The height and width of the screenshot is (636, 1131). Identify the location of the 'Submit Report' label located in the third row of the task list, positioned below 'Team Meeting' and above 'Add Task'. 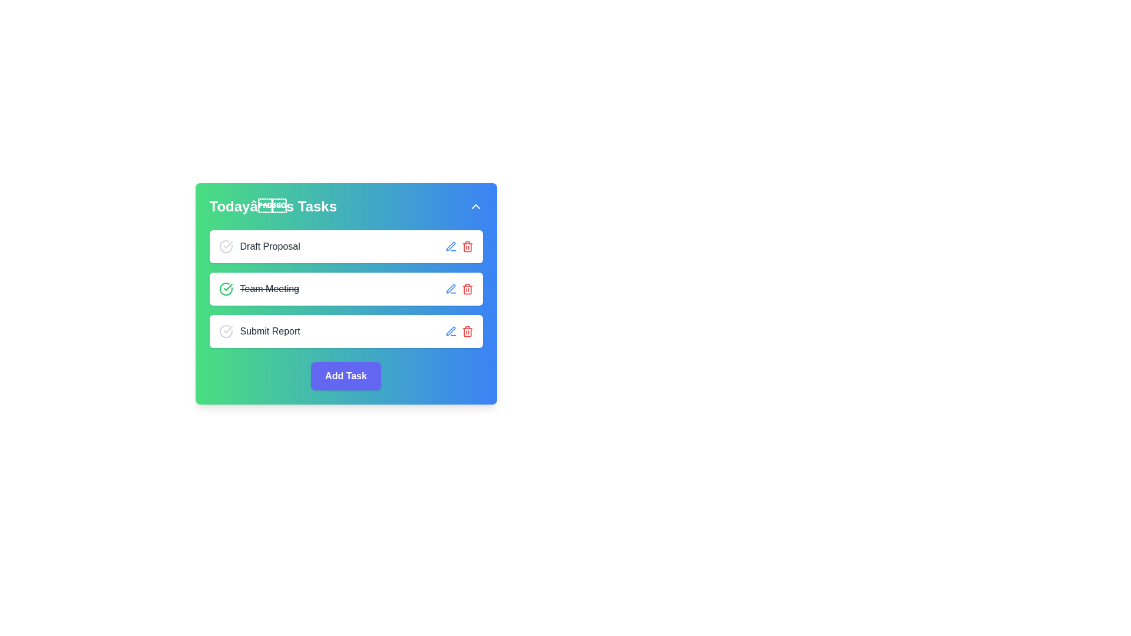
(259, 332).